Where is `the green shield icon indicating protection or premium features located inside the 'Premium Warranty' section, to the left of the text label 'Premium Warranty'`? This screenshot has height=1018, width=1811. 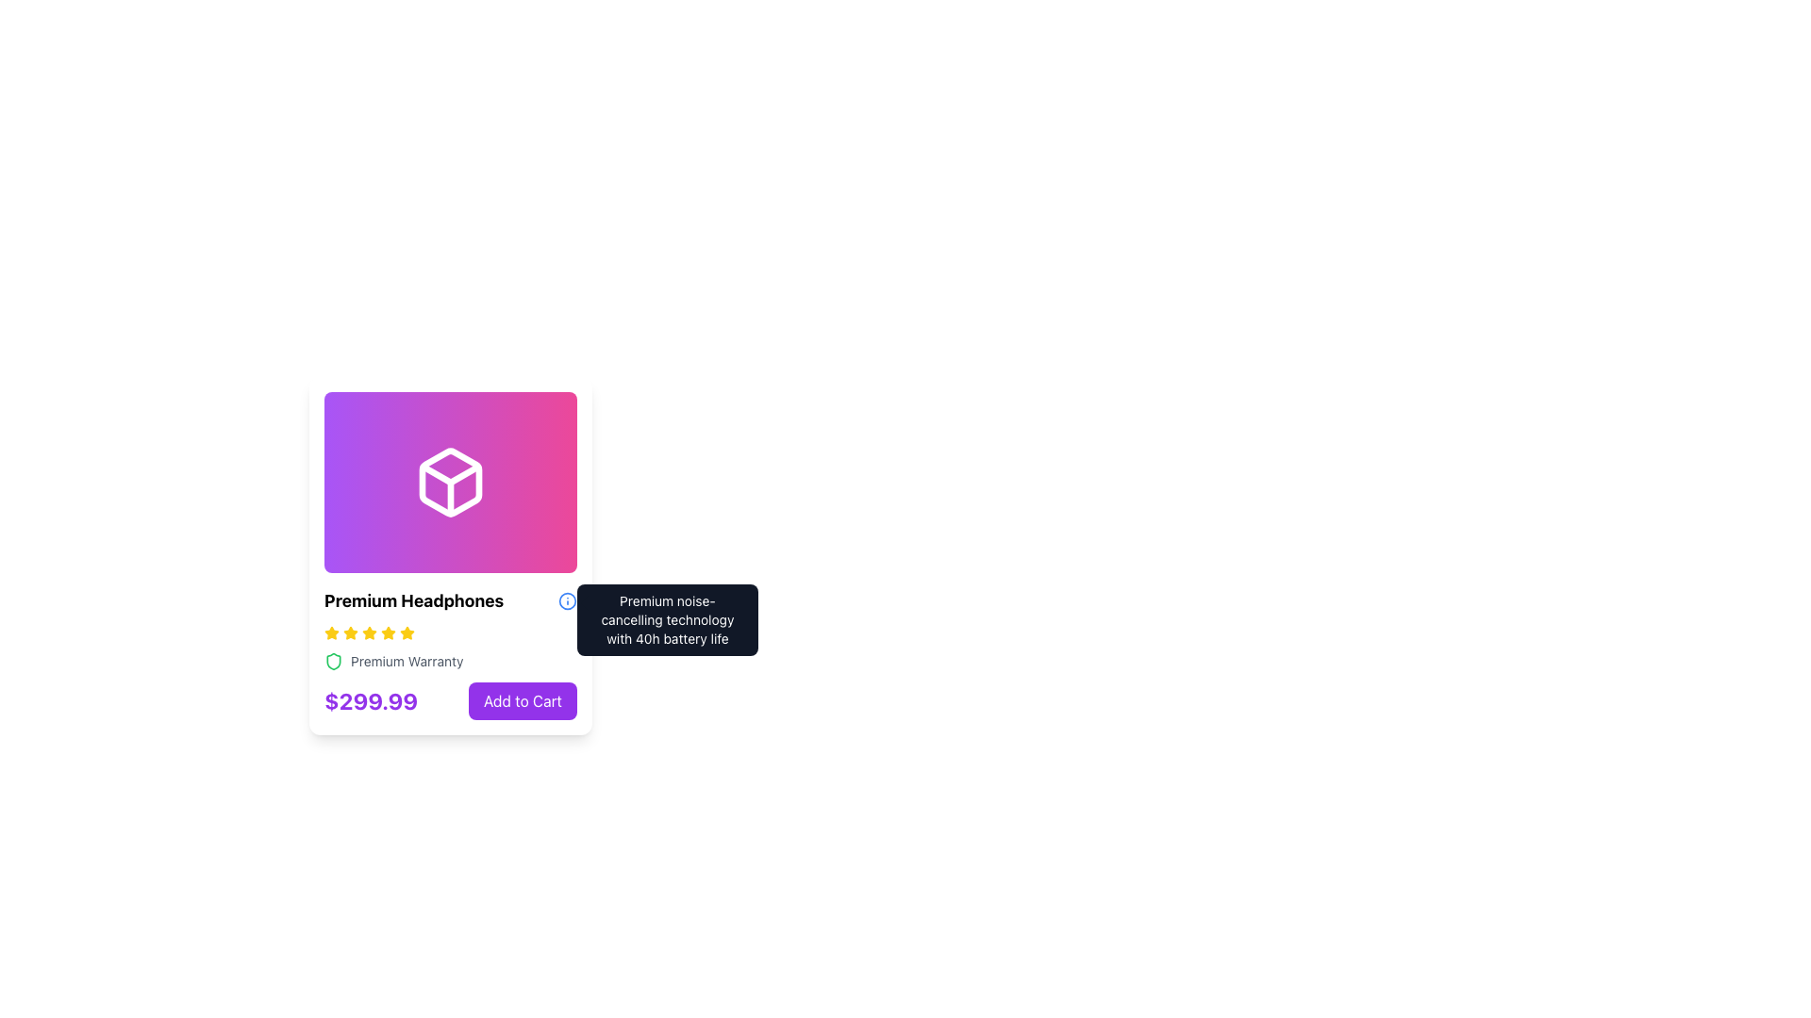 the green shield icon indicating protection or premium features located inside the 'Premium Warranty' section, to the left of the text label 'Premium Warranty' is located at coordinates (334, 661).